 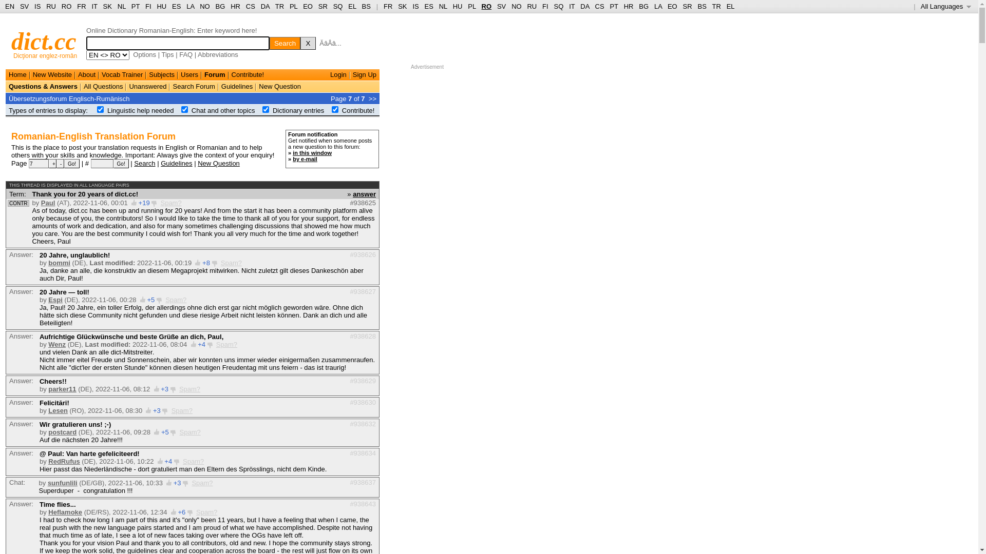 I want to click on 'Wenz', so click(x=56, y=344).